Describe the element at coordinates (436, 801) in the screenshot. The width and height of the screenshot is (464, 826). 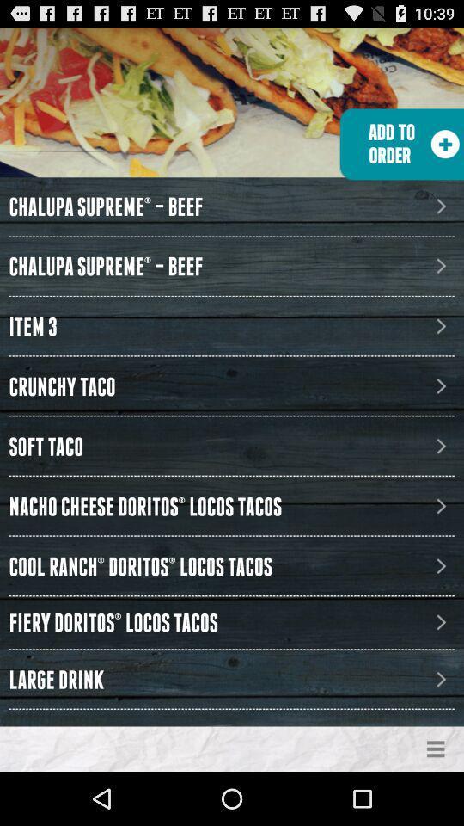
I see `the menu icon` at that location.